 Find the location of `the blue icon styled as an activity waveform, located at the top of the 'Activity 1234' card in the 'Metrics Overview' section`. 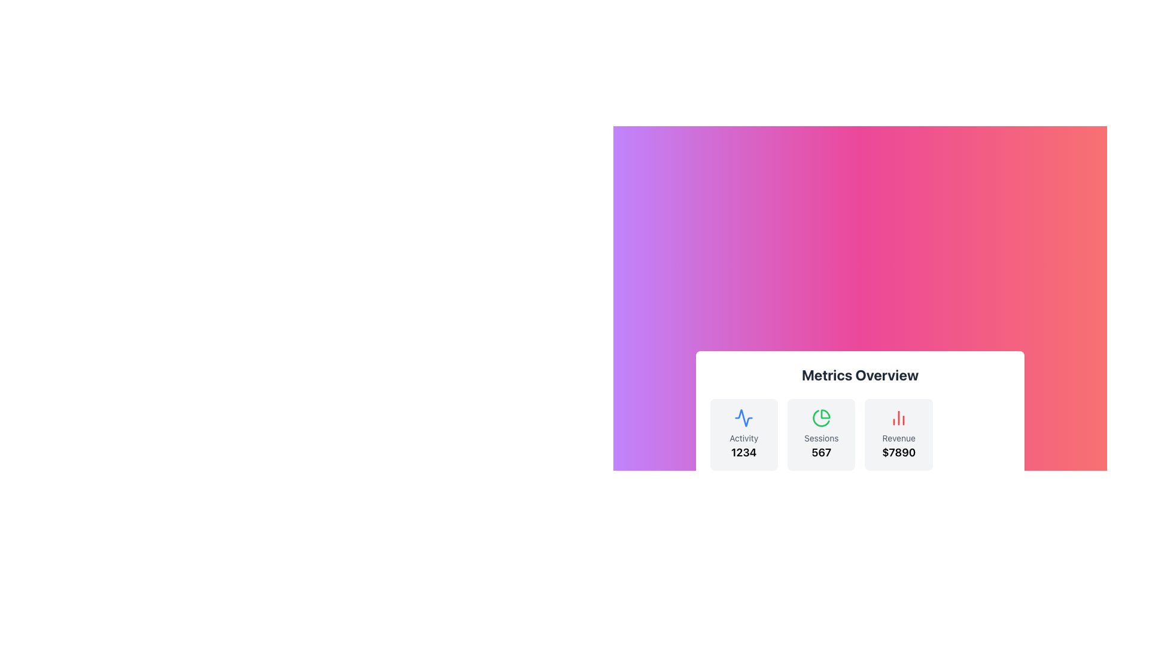

the blue icon styled as an activity waveform, located at the top of the 'Activity 1234' card in the 'Metrics Overview' section is located at coordinates (743, 417).